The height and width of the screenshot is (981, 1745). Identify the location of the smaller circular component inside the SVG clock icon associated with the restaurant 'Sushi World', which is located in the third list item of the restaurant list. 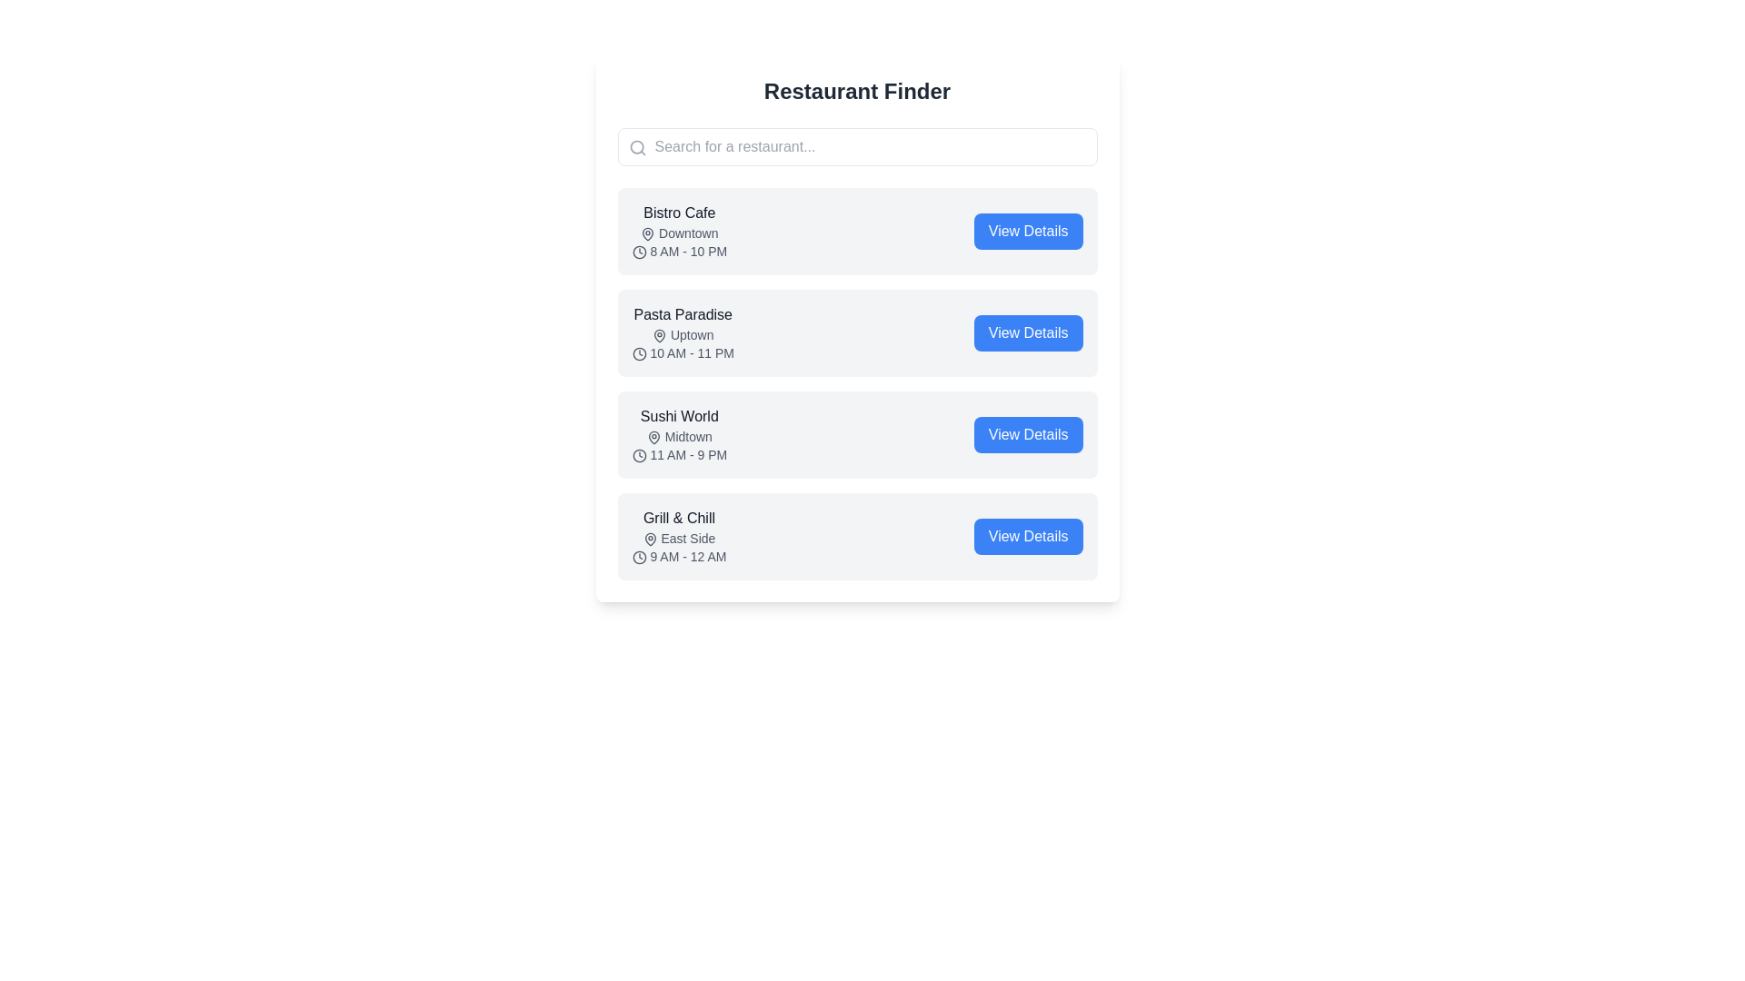
(639, 455).